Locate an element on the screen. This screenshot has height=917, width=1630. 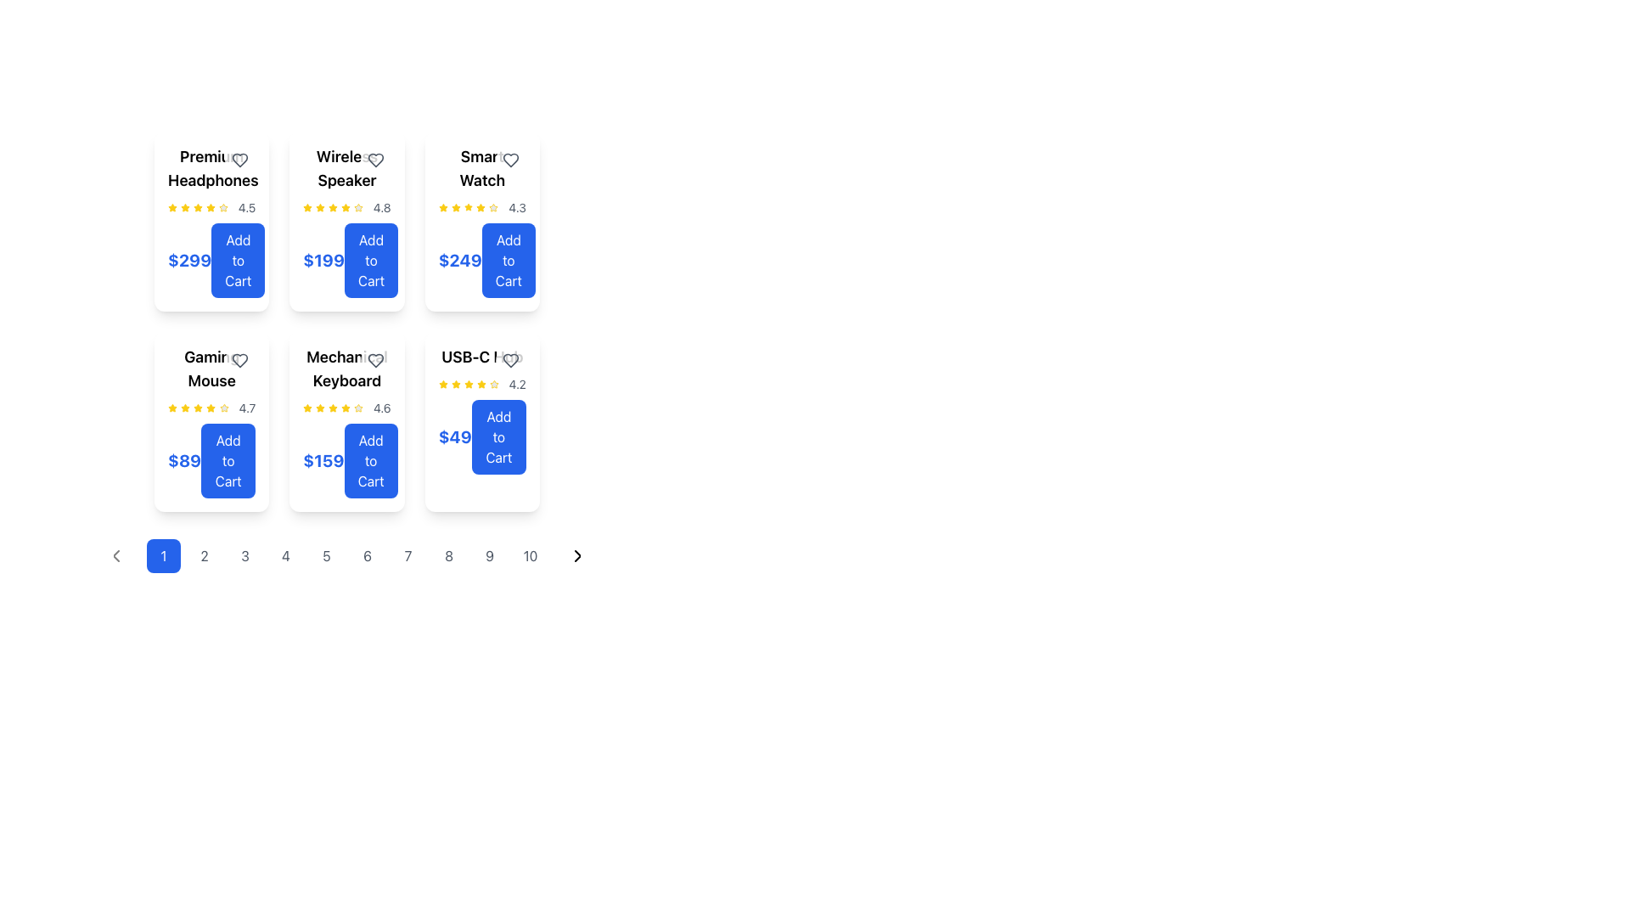
the heart icon button located at the top-right corner of the 'Mechanical Keyboard' product card is located at coordinates (374, 359).